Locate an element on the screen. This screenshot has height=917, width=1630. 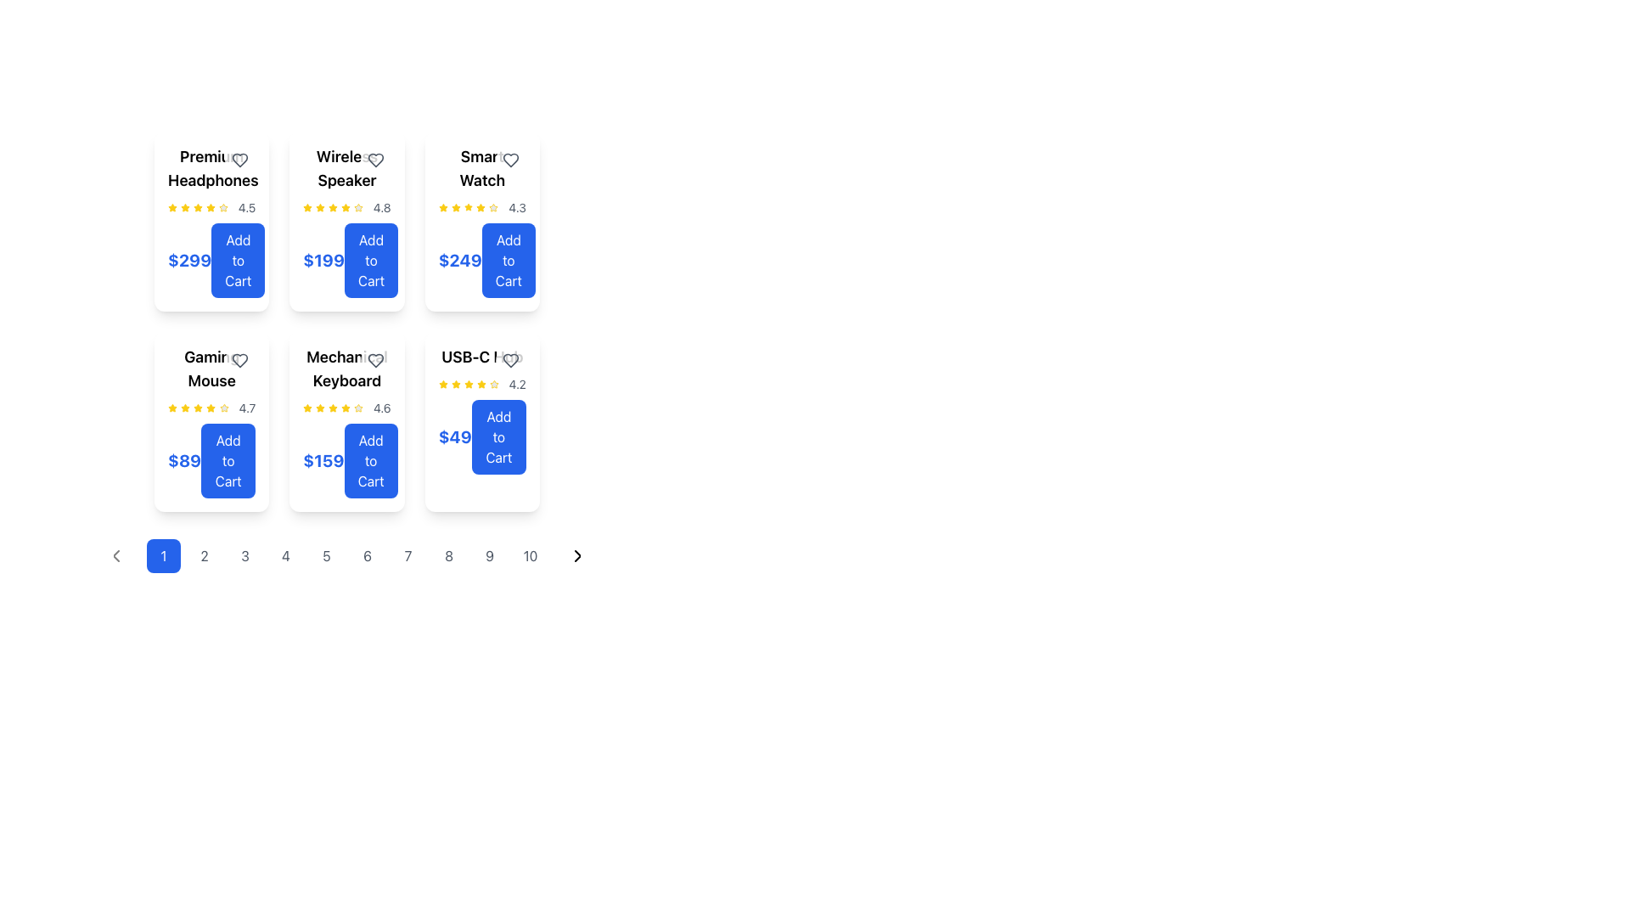
the heart icon button located at the top-right corner of the 'Mechanical Keyboard' product card is located at coordinates (374, 359).